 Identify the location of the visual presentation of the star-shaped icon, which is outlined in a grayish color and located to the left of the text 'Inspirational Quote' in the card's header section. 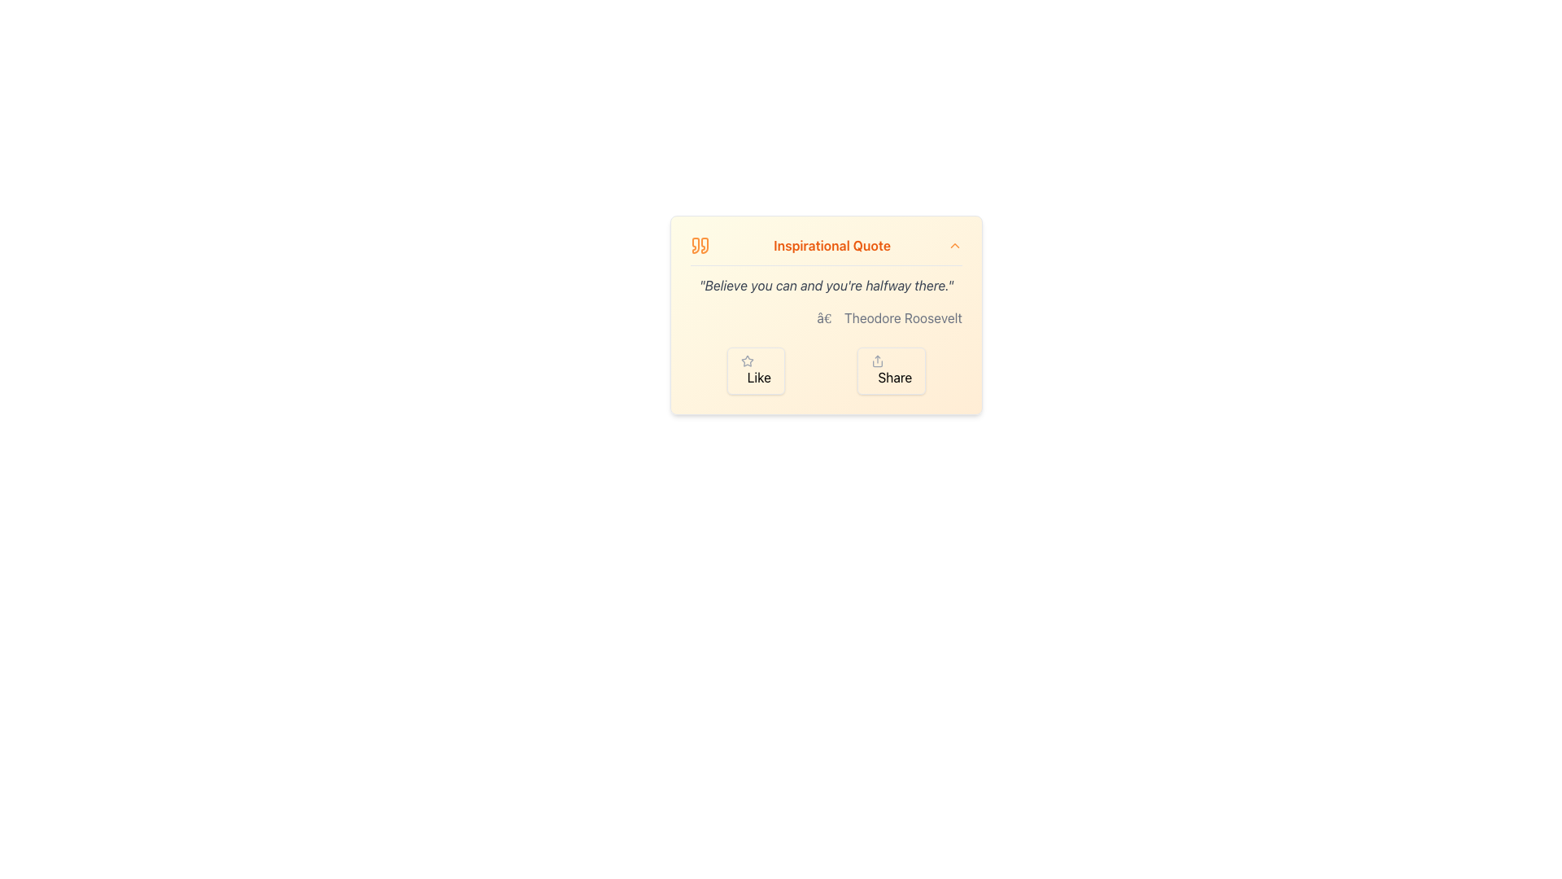
(746, 360).